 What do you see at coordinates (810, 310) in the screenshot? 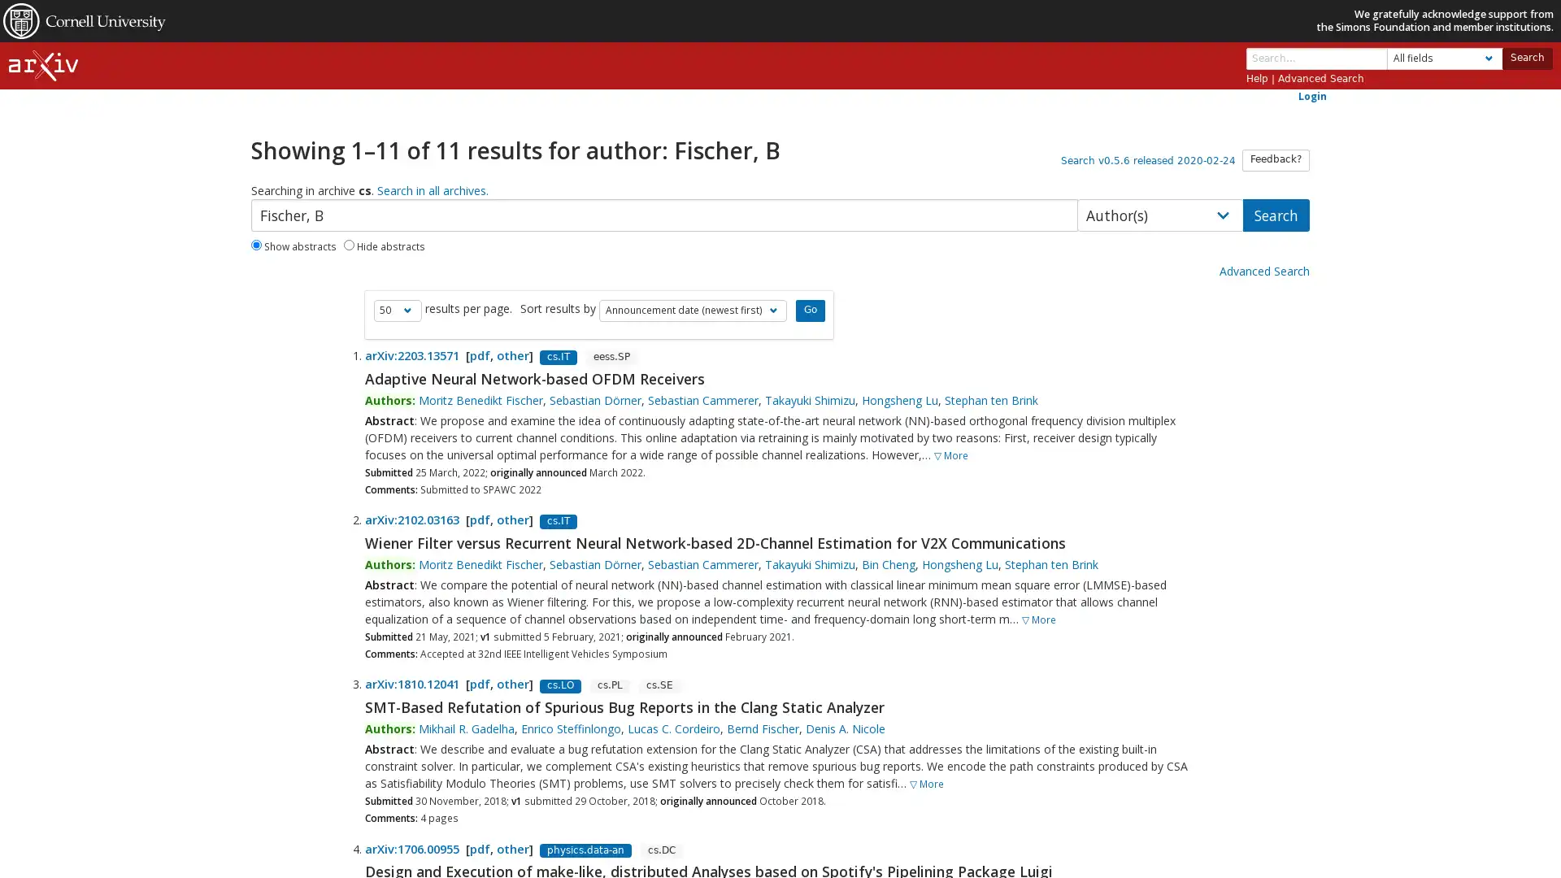
I see `Go` at bounding box center [810, 310].